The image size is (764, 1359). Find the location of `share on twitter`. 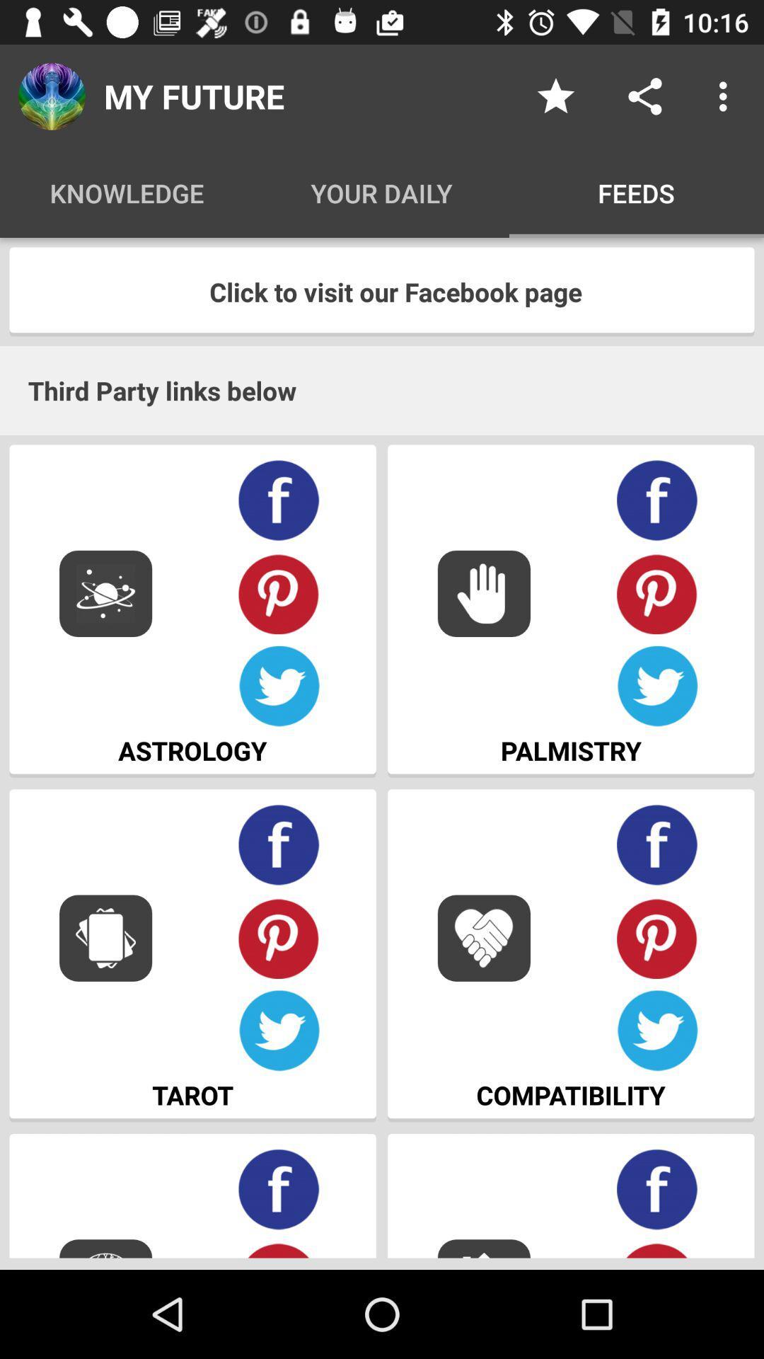

share on twitter is located at coordinates (657, 687).